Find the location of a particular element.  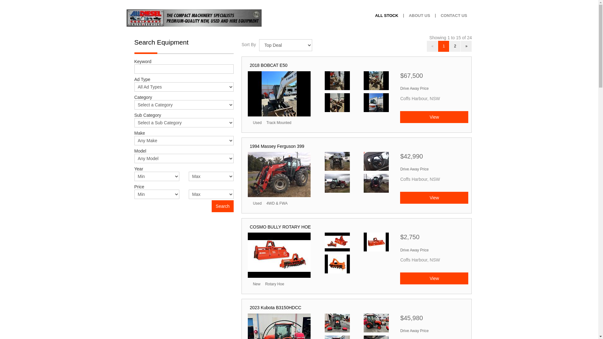

'Search' is located at coordinates (223, 206).